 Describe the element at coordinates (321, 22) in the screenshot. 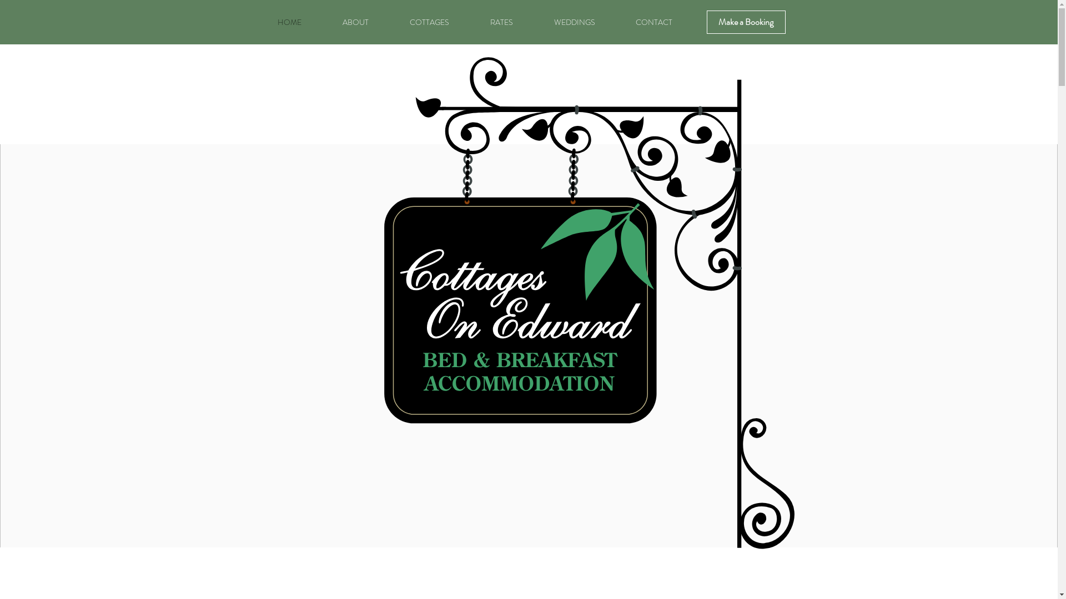

I see `'ABOUT'` at that location.